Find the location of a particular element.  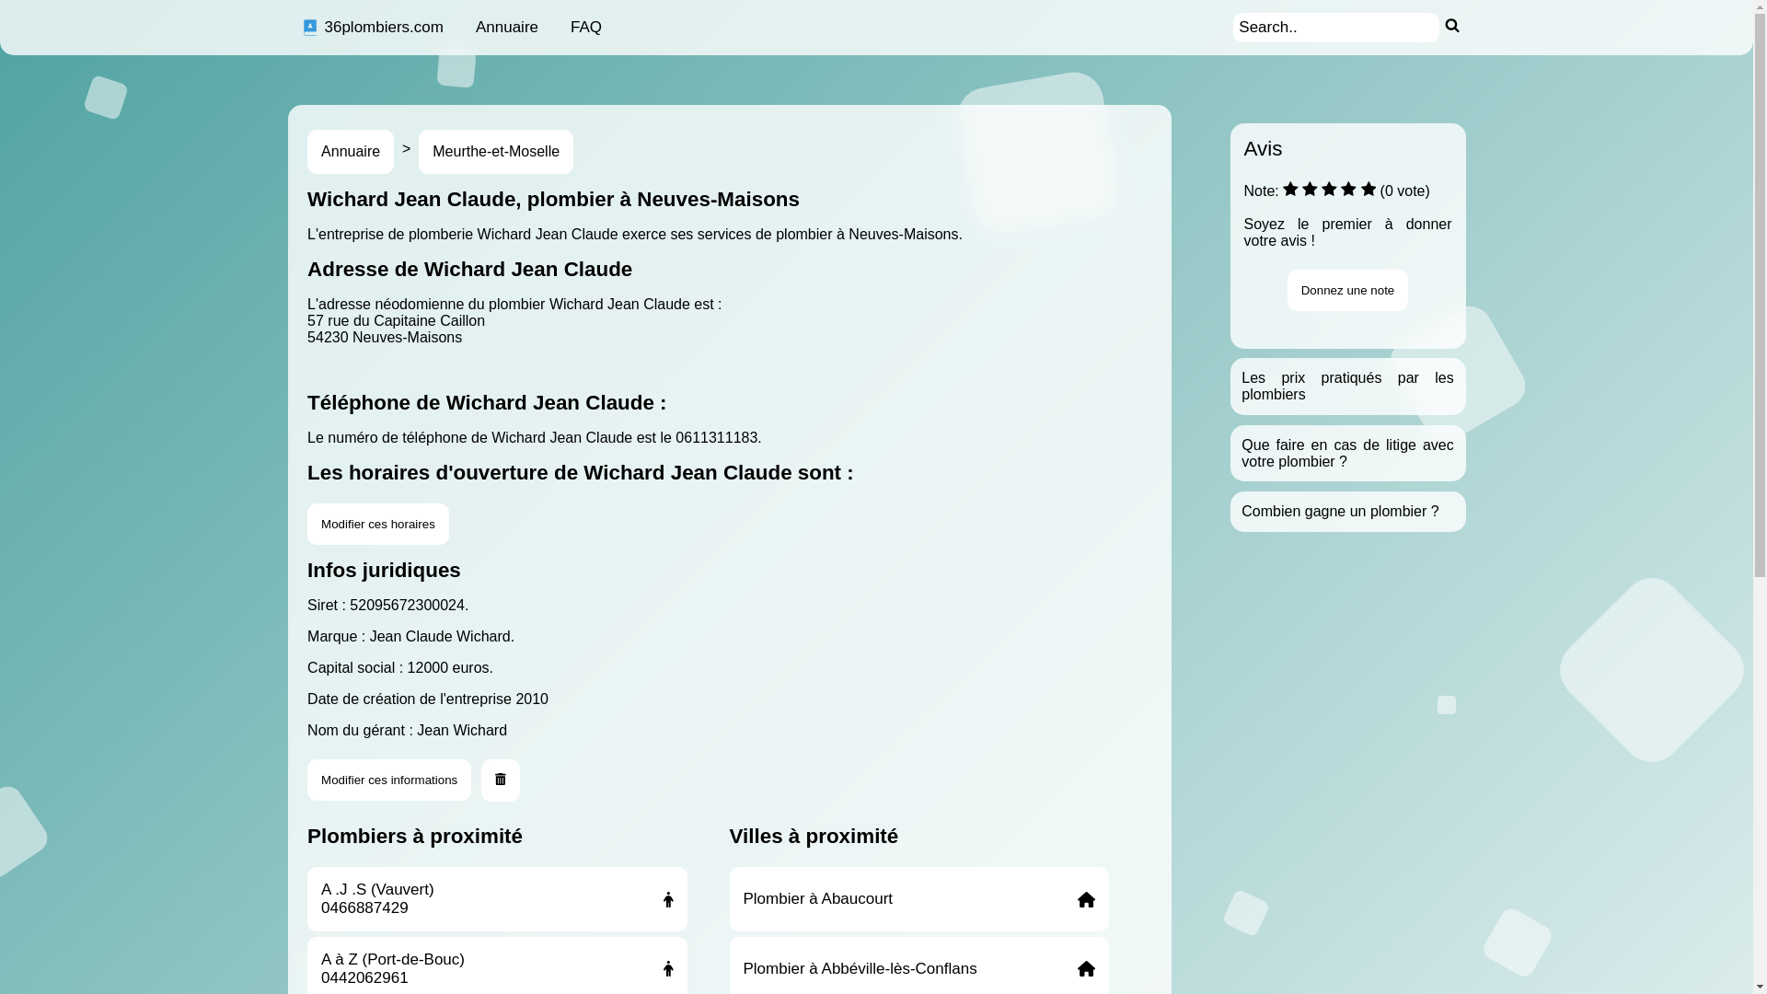

'A .J .S (Vauvert) is located at coordinates (497, 897).